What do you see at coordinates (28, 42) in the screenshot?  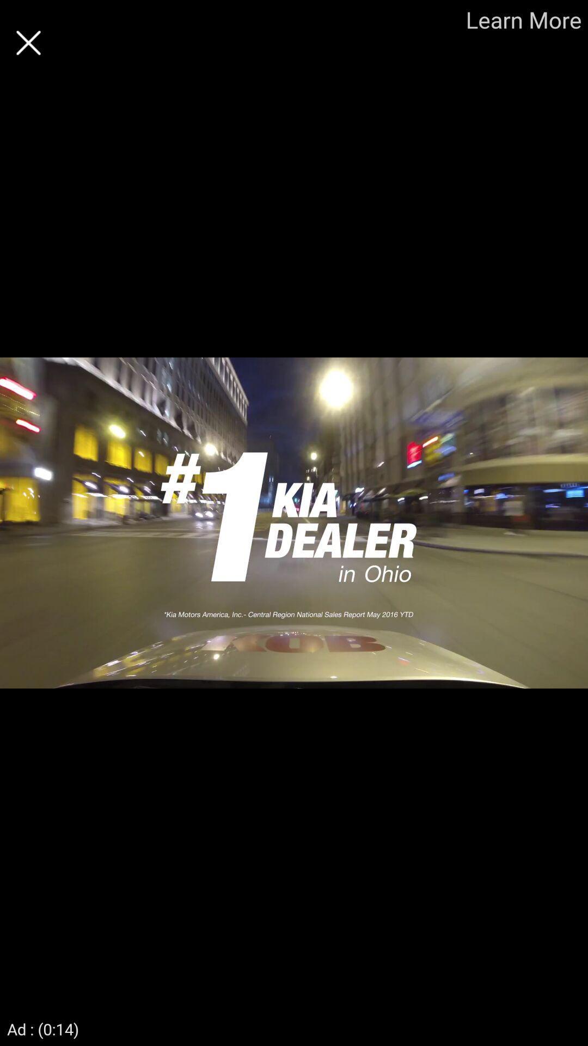 I see `out screen` at bounding box center [28, 42].